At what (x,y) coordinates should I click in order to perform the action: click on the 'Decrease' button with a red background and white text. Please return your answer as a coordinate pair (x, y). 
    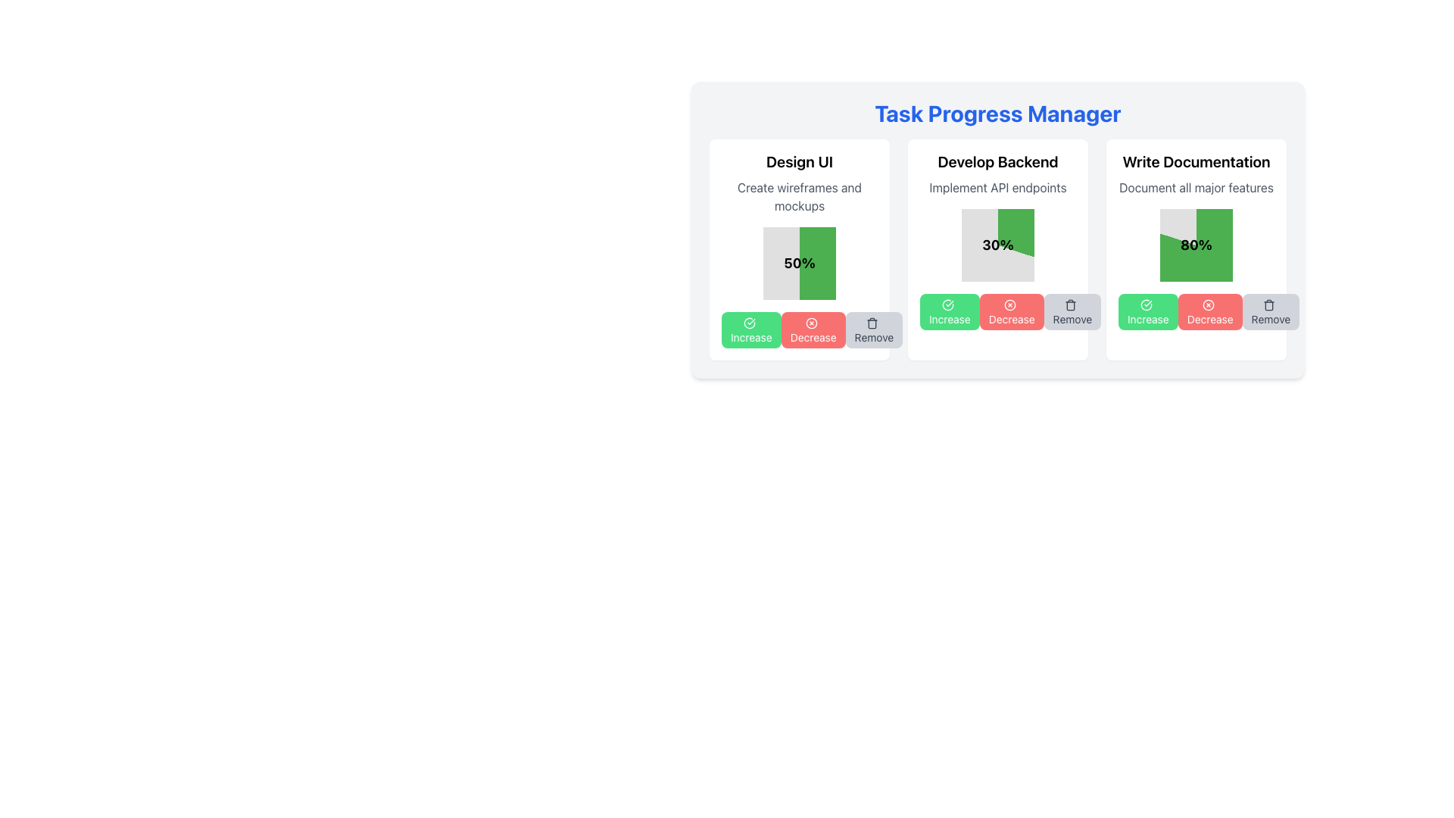
    Looking at the image, I should click on (1209, 311).